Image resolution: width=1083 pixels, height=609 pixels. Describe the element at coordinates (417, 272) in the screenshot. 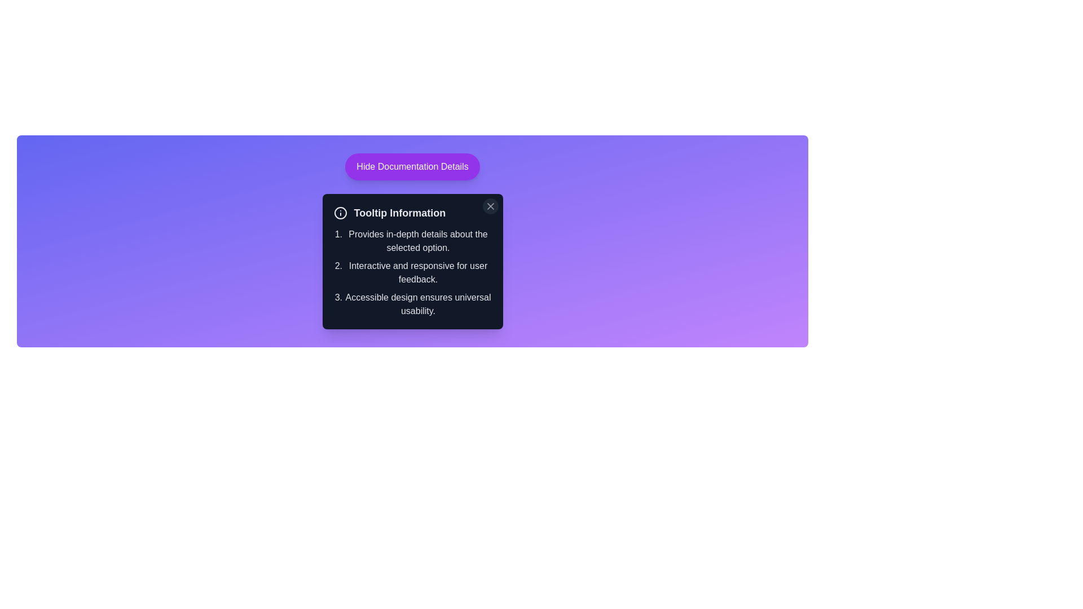

I see `text from the second item in the numbered list within the tooltip box that contains the text 'Interactive and responsive for user feedback.'` at that location.